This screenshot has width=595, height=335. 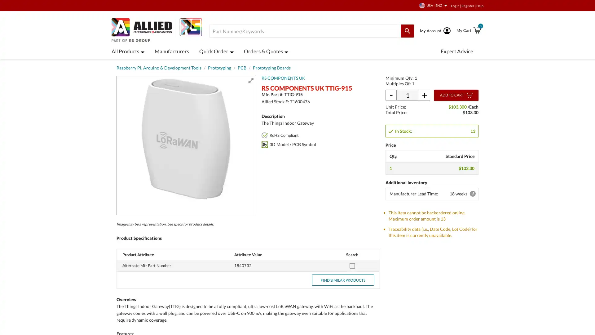 What do you see at coordinates (343, 280) in the screenshot?
I see `FIND SIMILAR PRODUCTS` at bounding box center [343, 280].